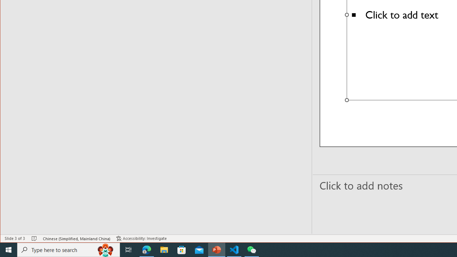 Image resolution: width=457 pixels, height=257 pixels. Describe the element at coordinates (234, 249) in the screenshot. I see `'Visual Studio Code - 1 running window'` at that location.